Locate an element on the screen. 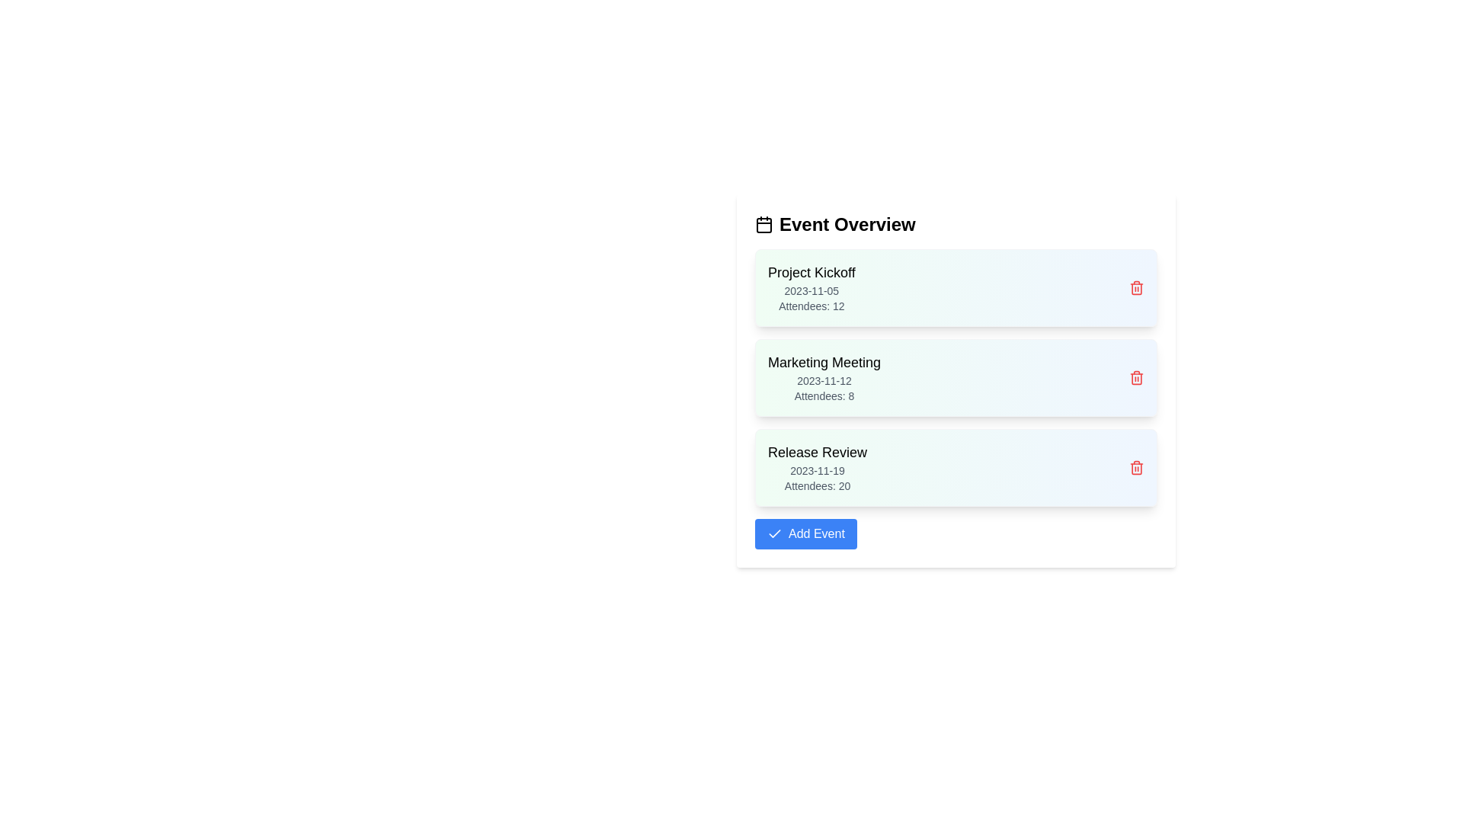 Image resolution: width=1463 pixels, height=823 pixels. the delete button for the event titled Project Kickoff is located at coordinates (1137, 288).